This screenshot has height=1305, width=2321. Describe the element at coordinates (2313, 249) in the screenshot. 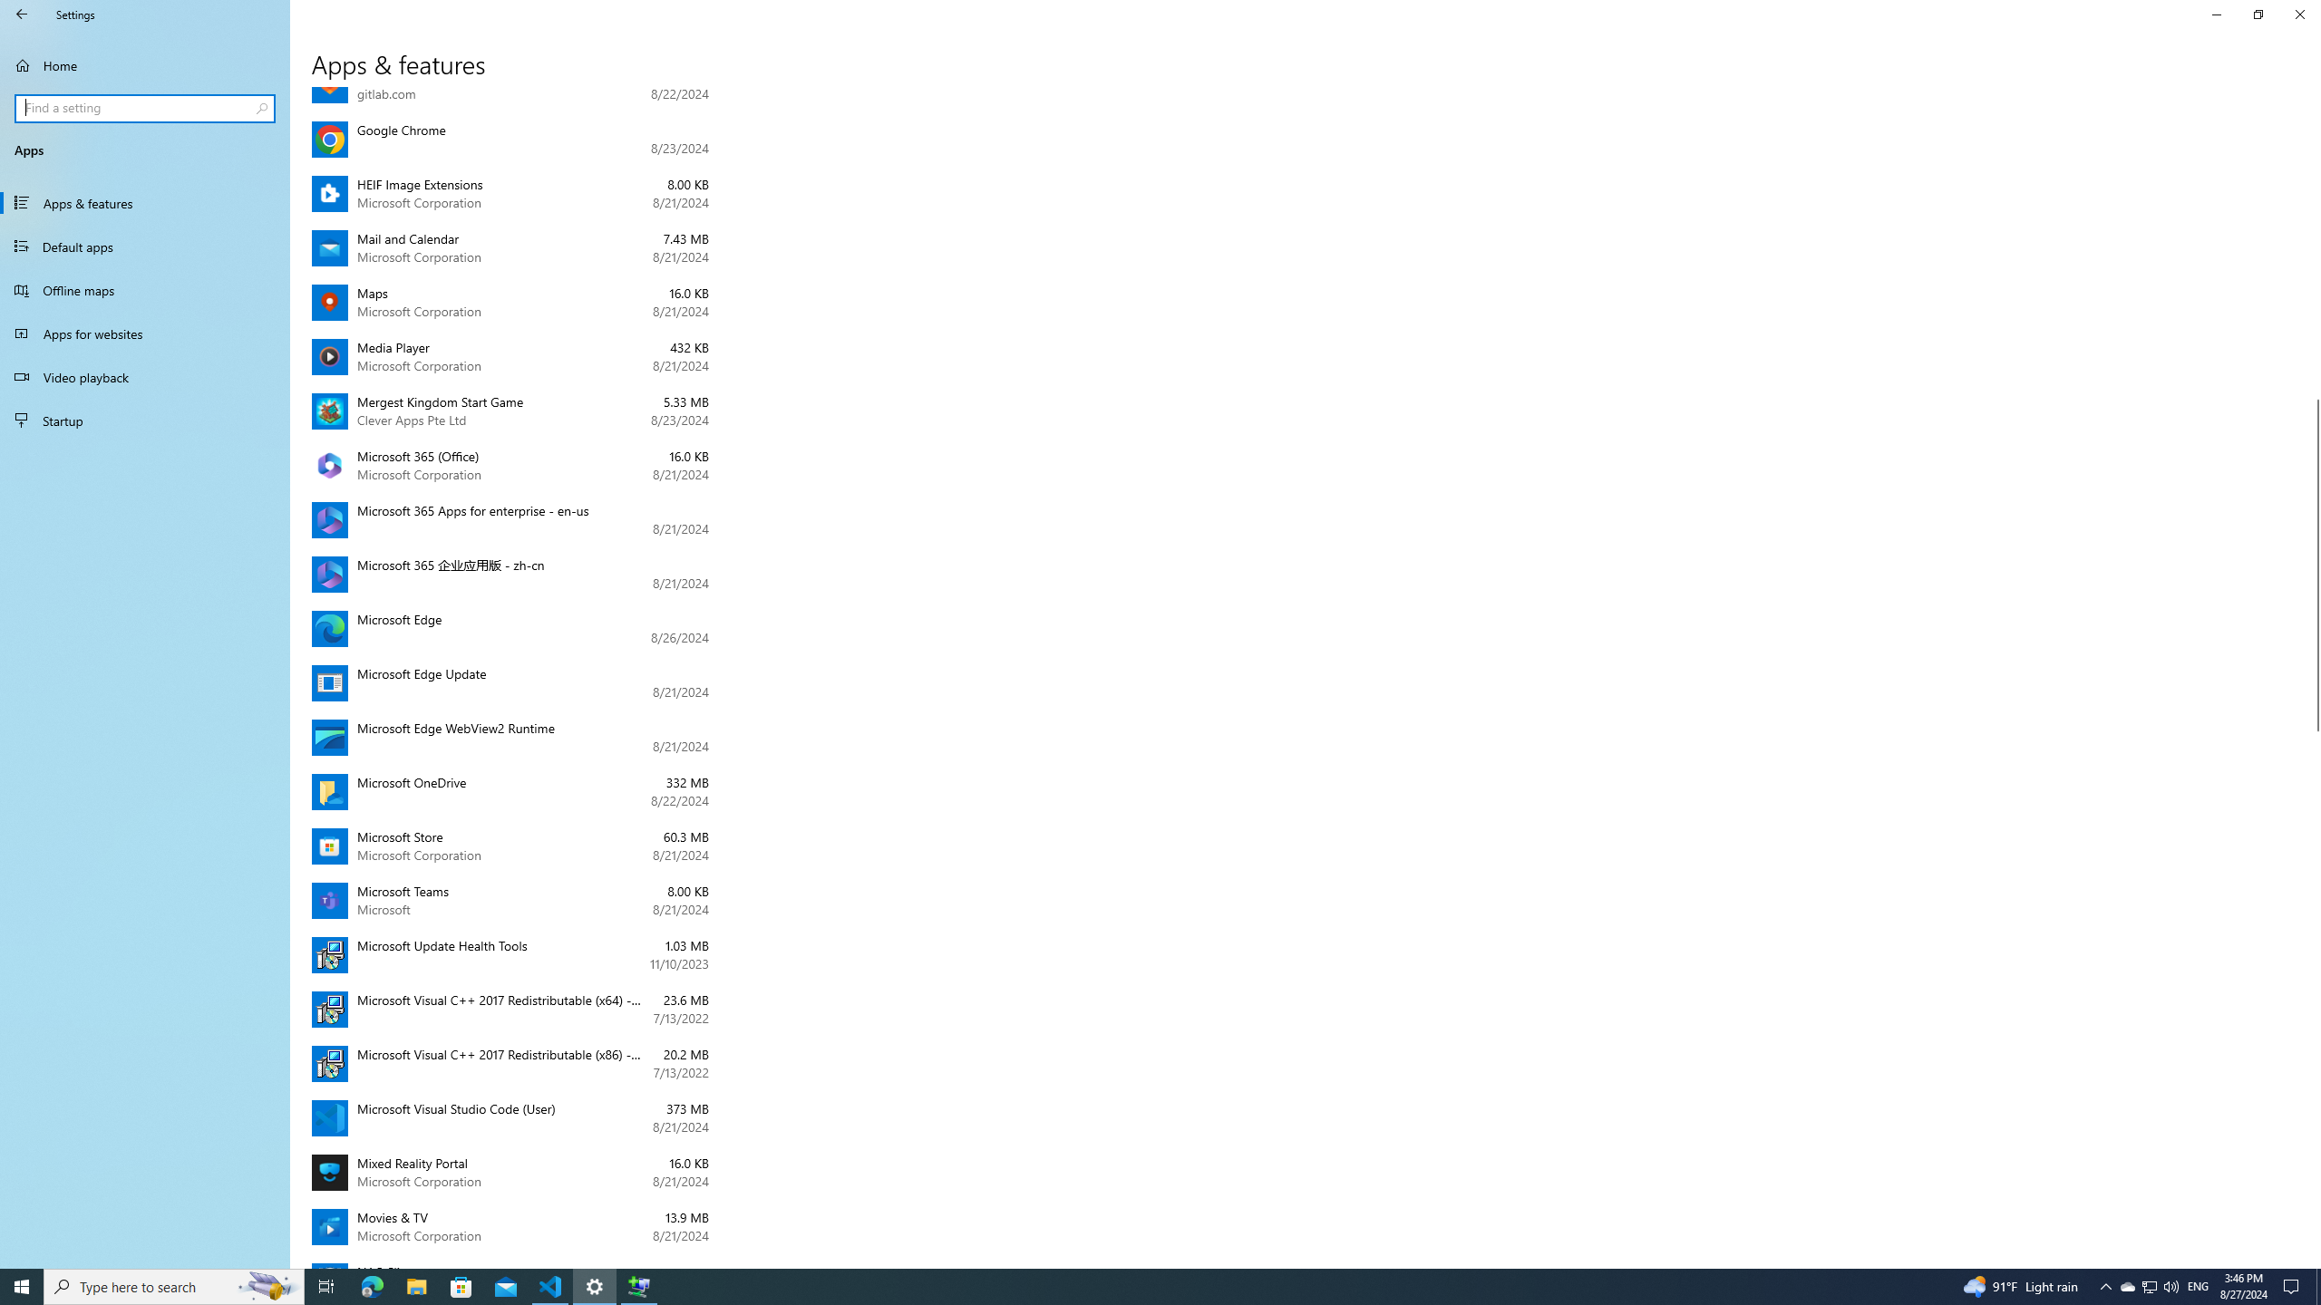

I see `'Vertical Large Decrease'` at that location.